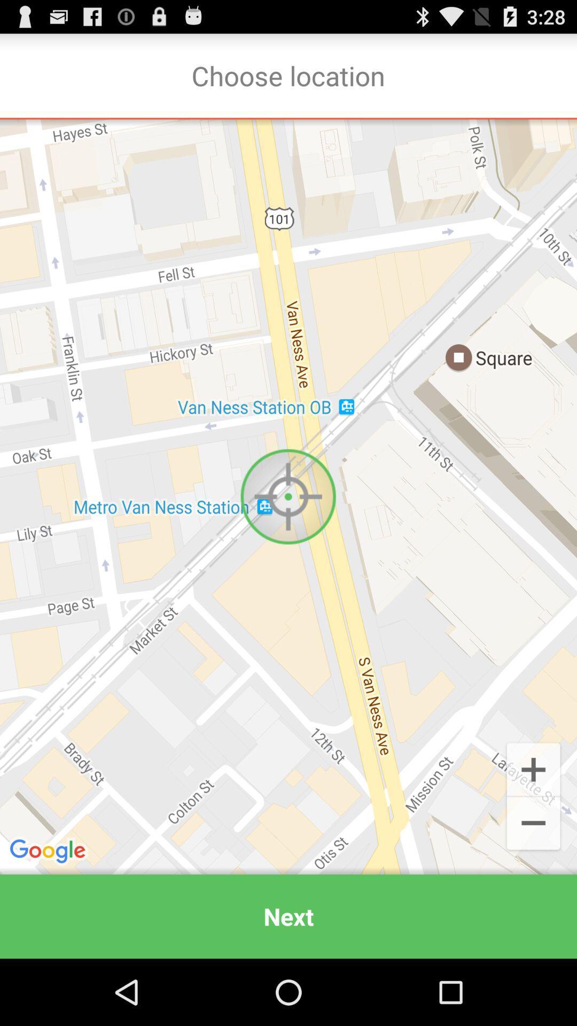 This screenshot has width=577, height=1026. What do you see at coordinates (288, 916) in the screenshot?
I see `next app` at bounding box center [288, 916].